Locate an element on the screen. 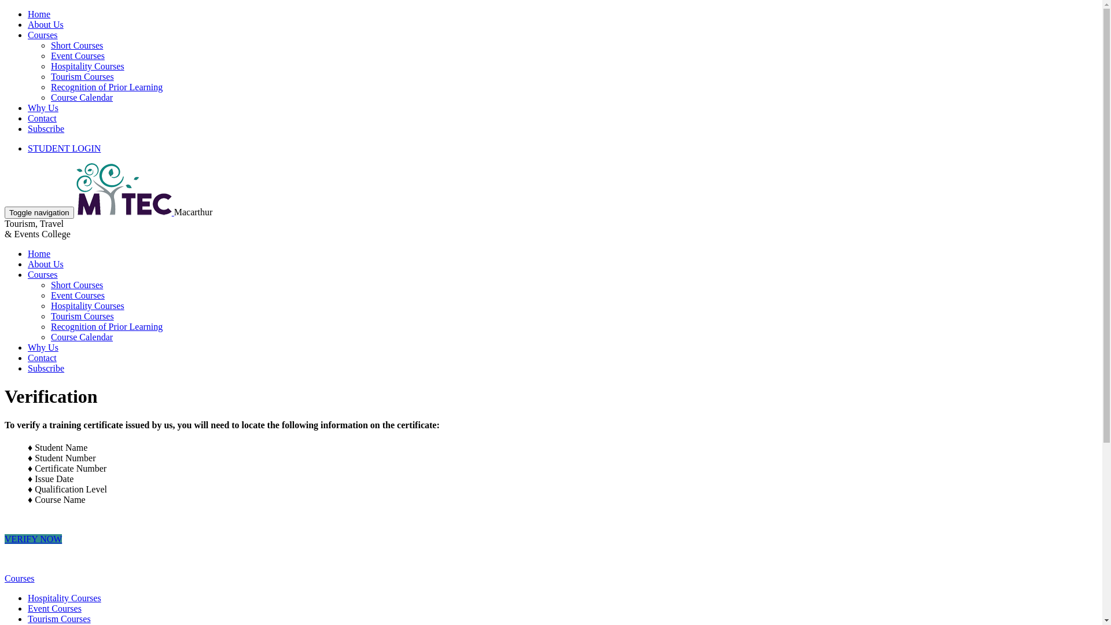 This screenshot has width=1111, height=625. 'Subscribe' is located at coordinates (46, 128).